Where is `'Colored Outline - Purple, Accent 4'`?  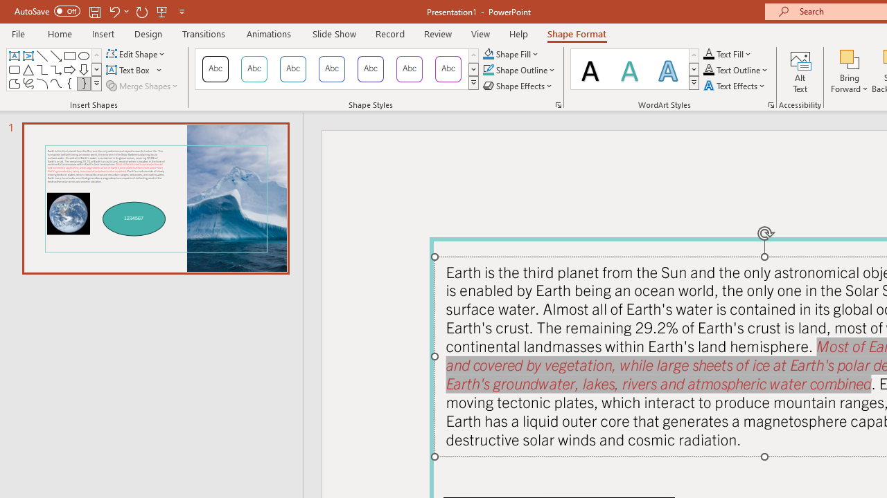
'Colored Outline - Purple, Accent 4' is located at coordinates (371, 69).